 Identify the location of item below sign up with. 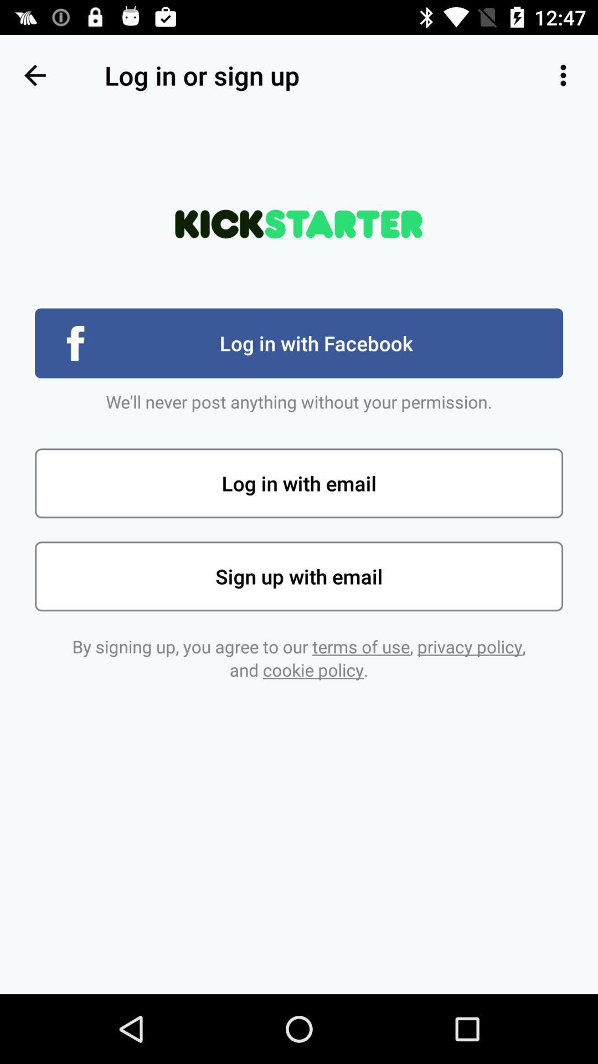
(299, 658).